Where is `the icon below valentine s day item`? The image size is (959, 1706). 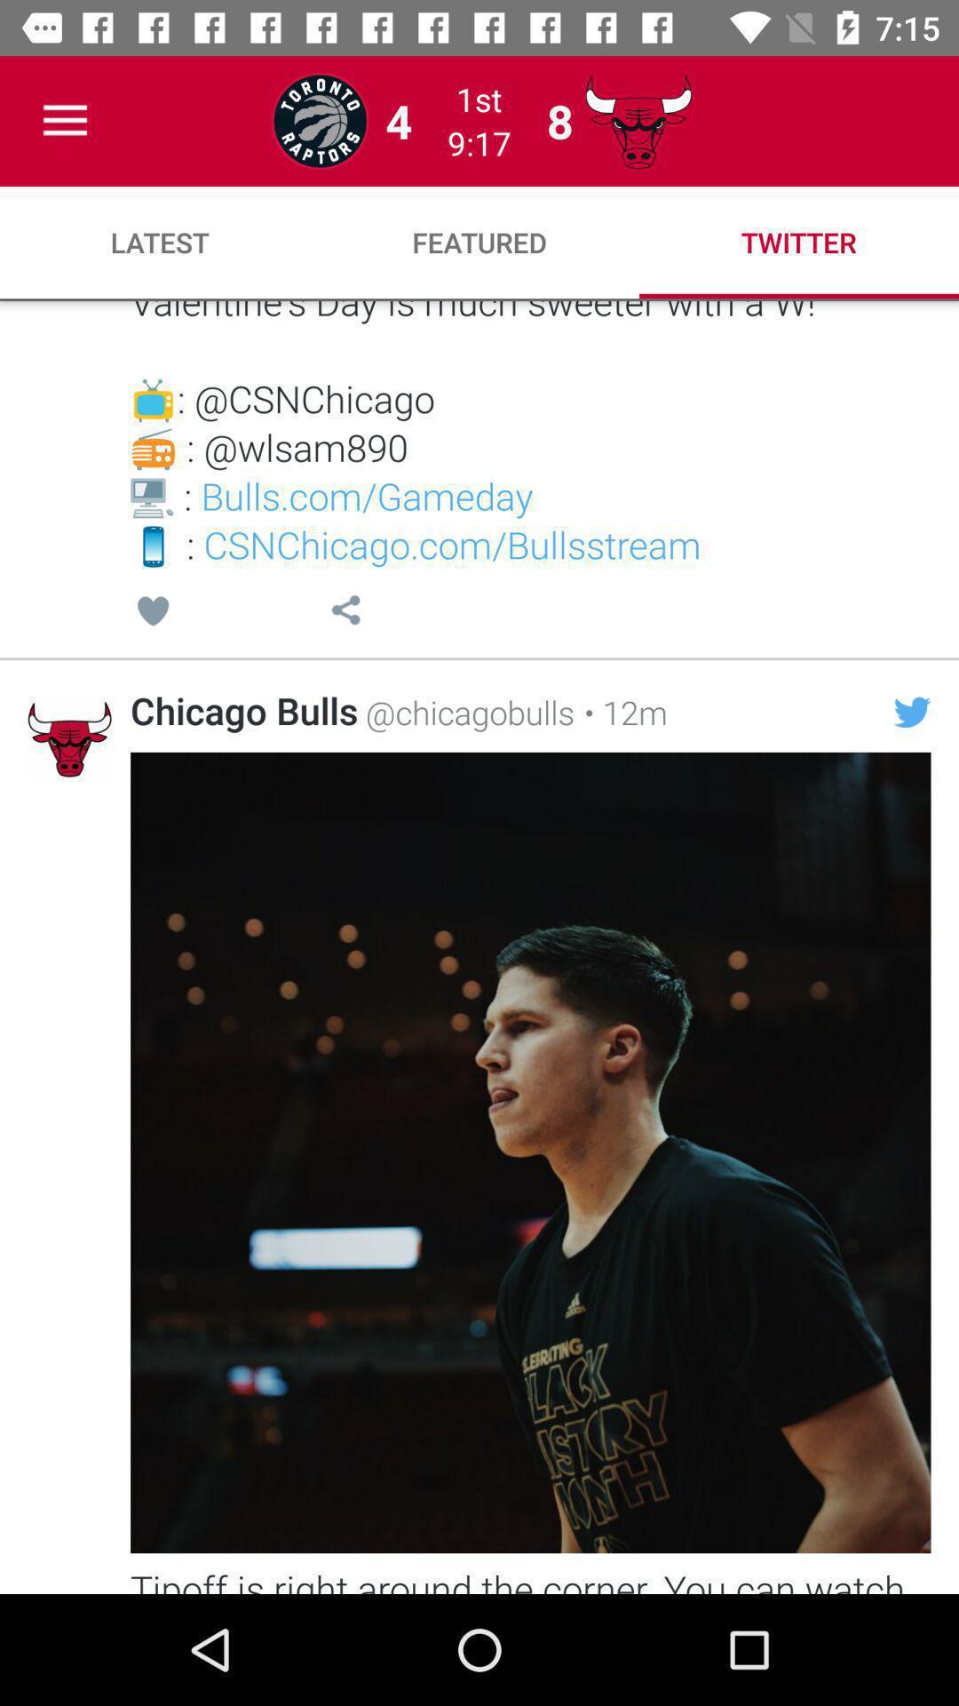
the icon below valentine s day item is located at coordinates (345, 613).